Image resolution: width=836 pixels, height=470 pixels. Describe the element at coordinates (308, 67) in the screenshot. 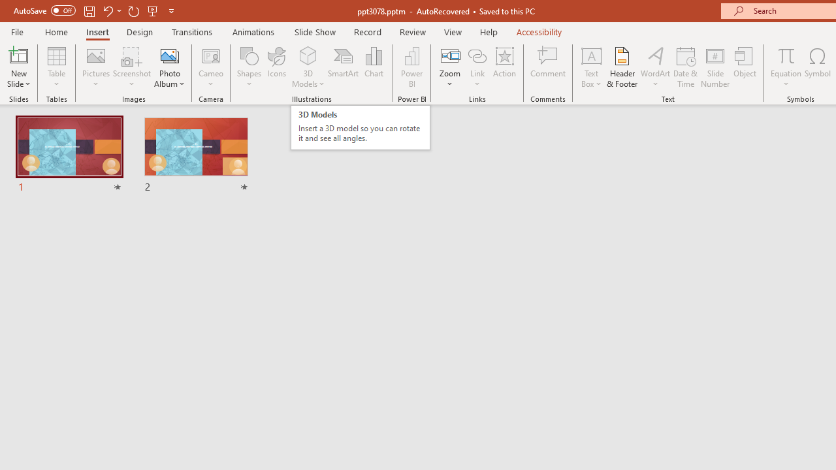

I see `'3D Models'` at that location.